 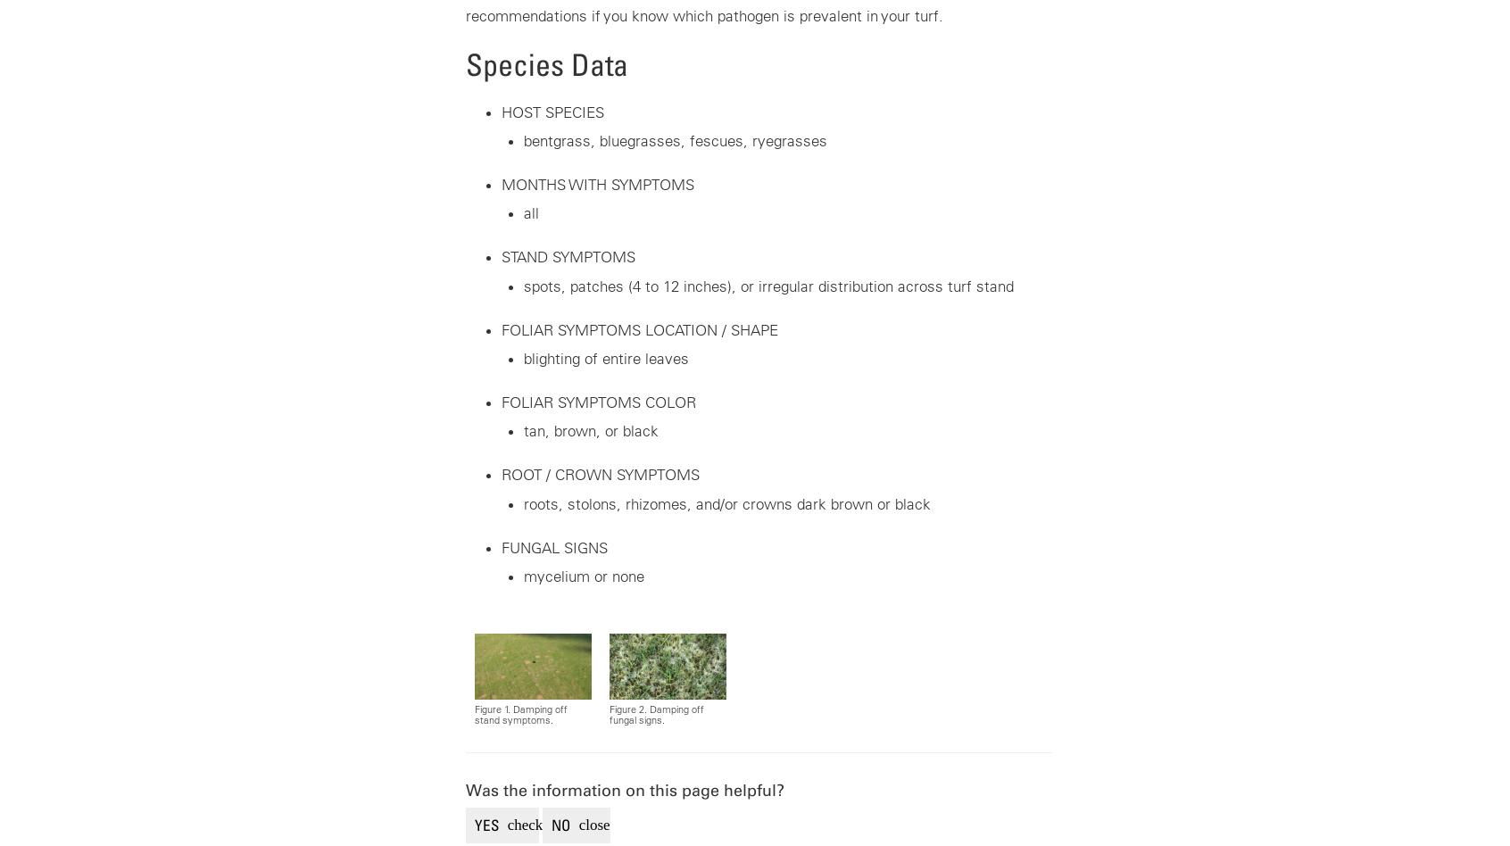 What do you see at coordinates (544, 63) in the screenshot?
I see `'Species Data'` at bounding box center [544, 63].